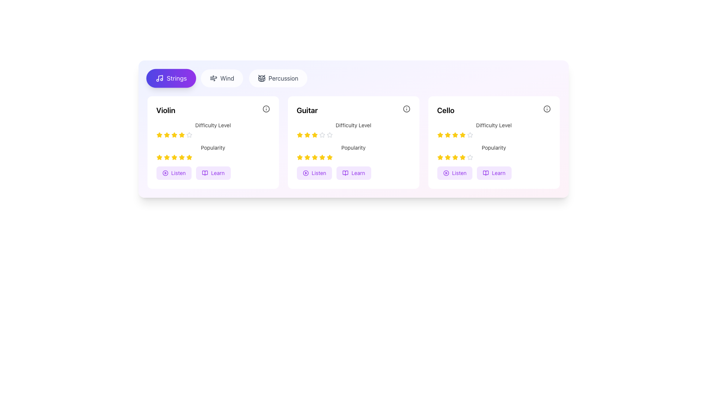 This screenshot has width=717, height=403. What do you see at coordinates (494, 157) in the screenshot?
I see `configuration of the 5-star rating component for the 'Cello' item, which is located below the 'Popularity' label` at bounding box center [494, 157].